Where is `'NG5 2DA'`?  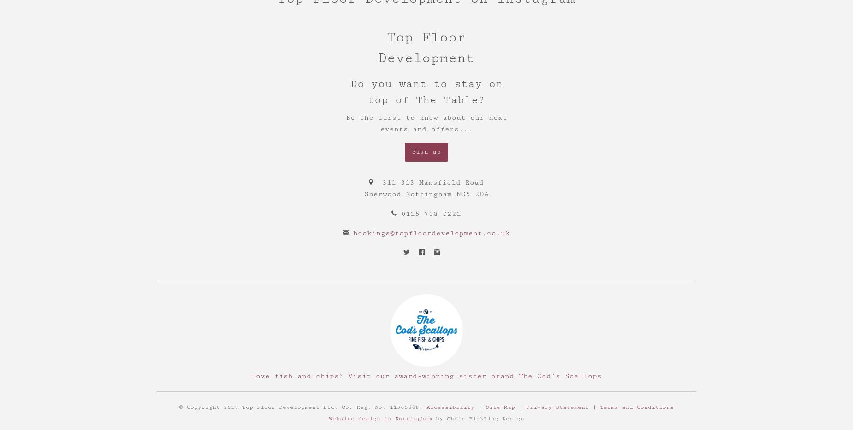 'NG5 2DA' is located at coordinates (471, 194).